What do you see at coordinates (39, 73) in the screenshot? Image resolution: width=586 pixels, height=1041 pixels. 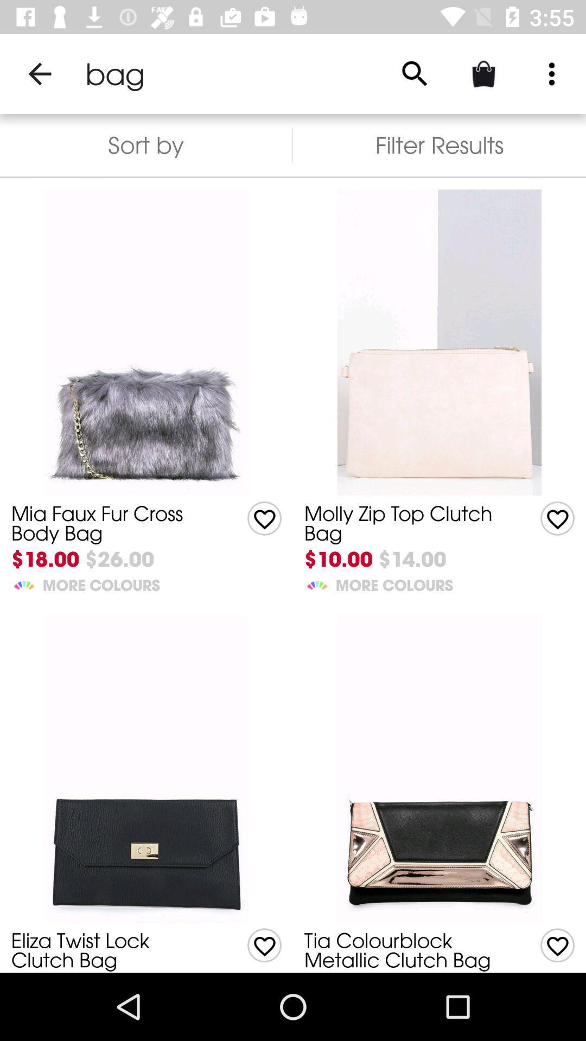 I see `item next to bag` at bounding box center [39, 73].